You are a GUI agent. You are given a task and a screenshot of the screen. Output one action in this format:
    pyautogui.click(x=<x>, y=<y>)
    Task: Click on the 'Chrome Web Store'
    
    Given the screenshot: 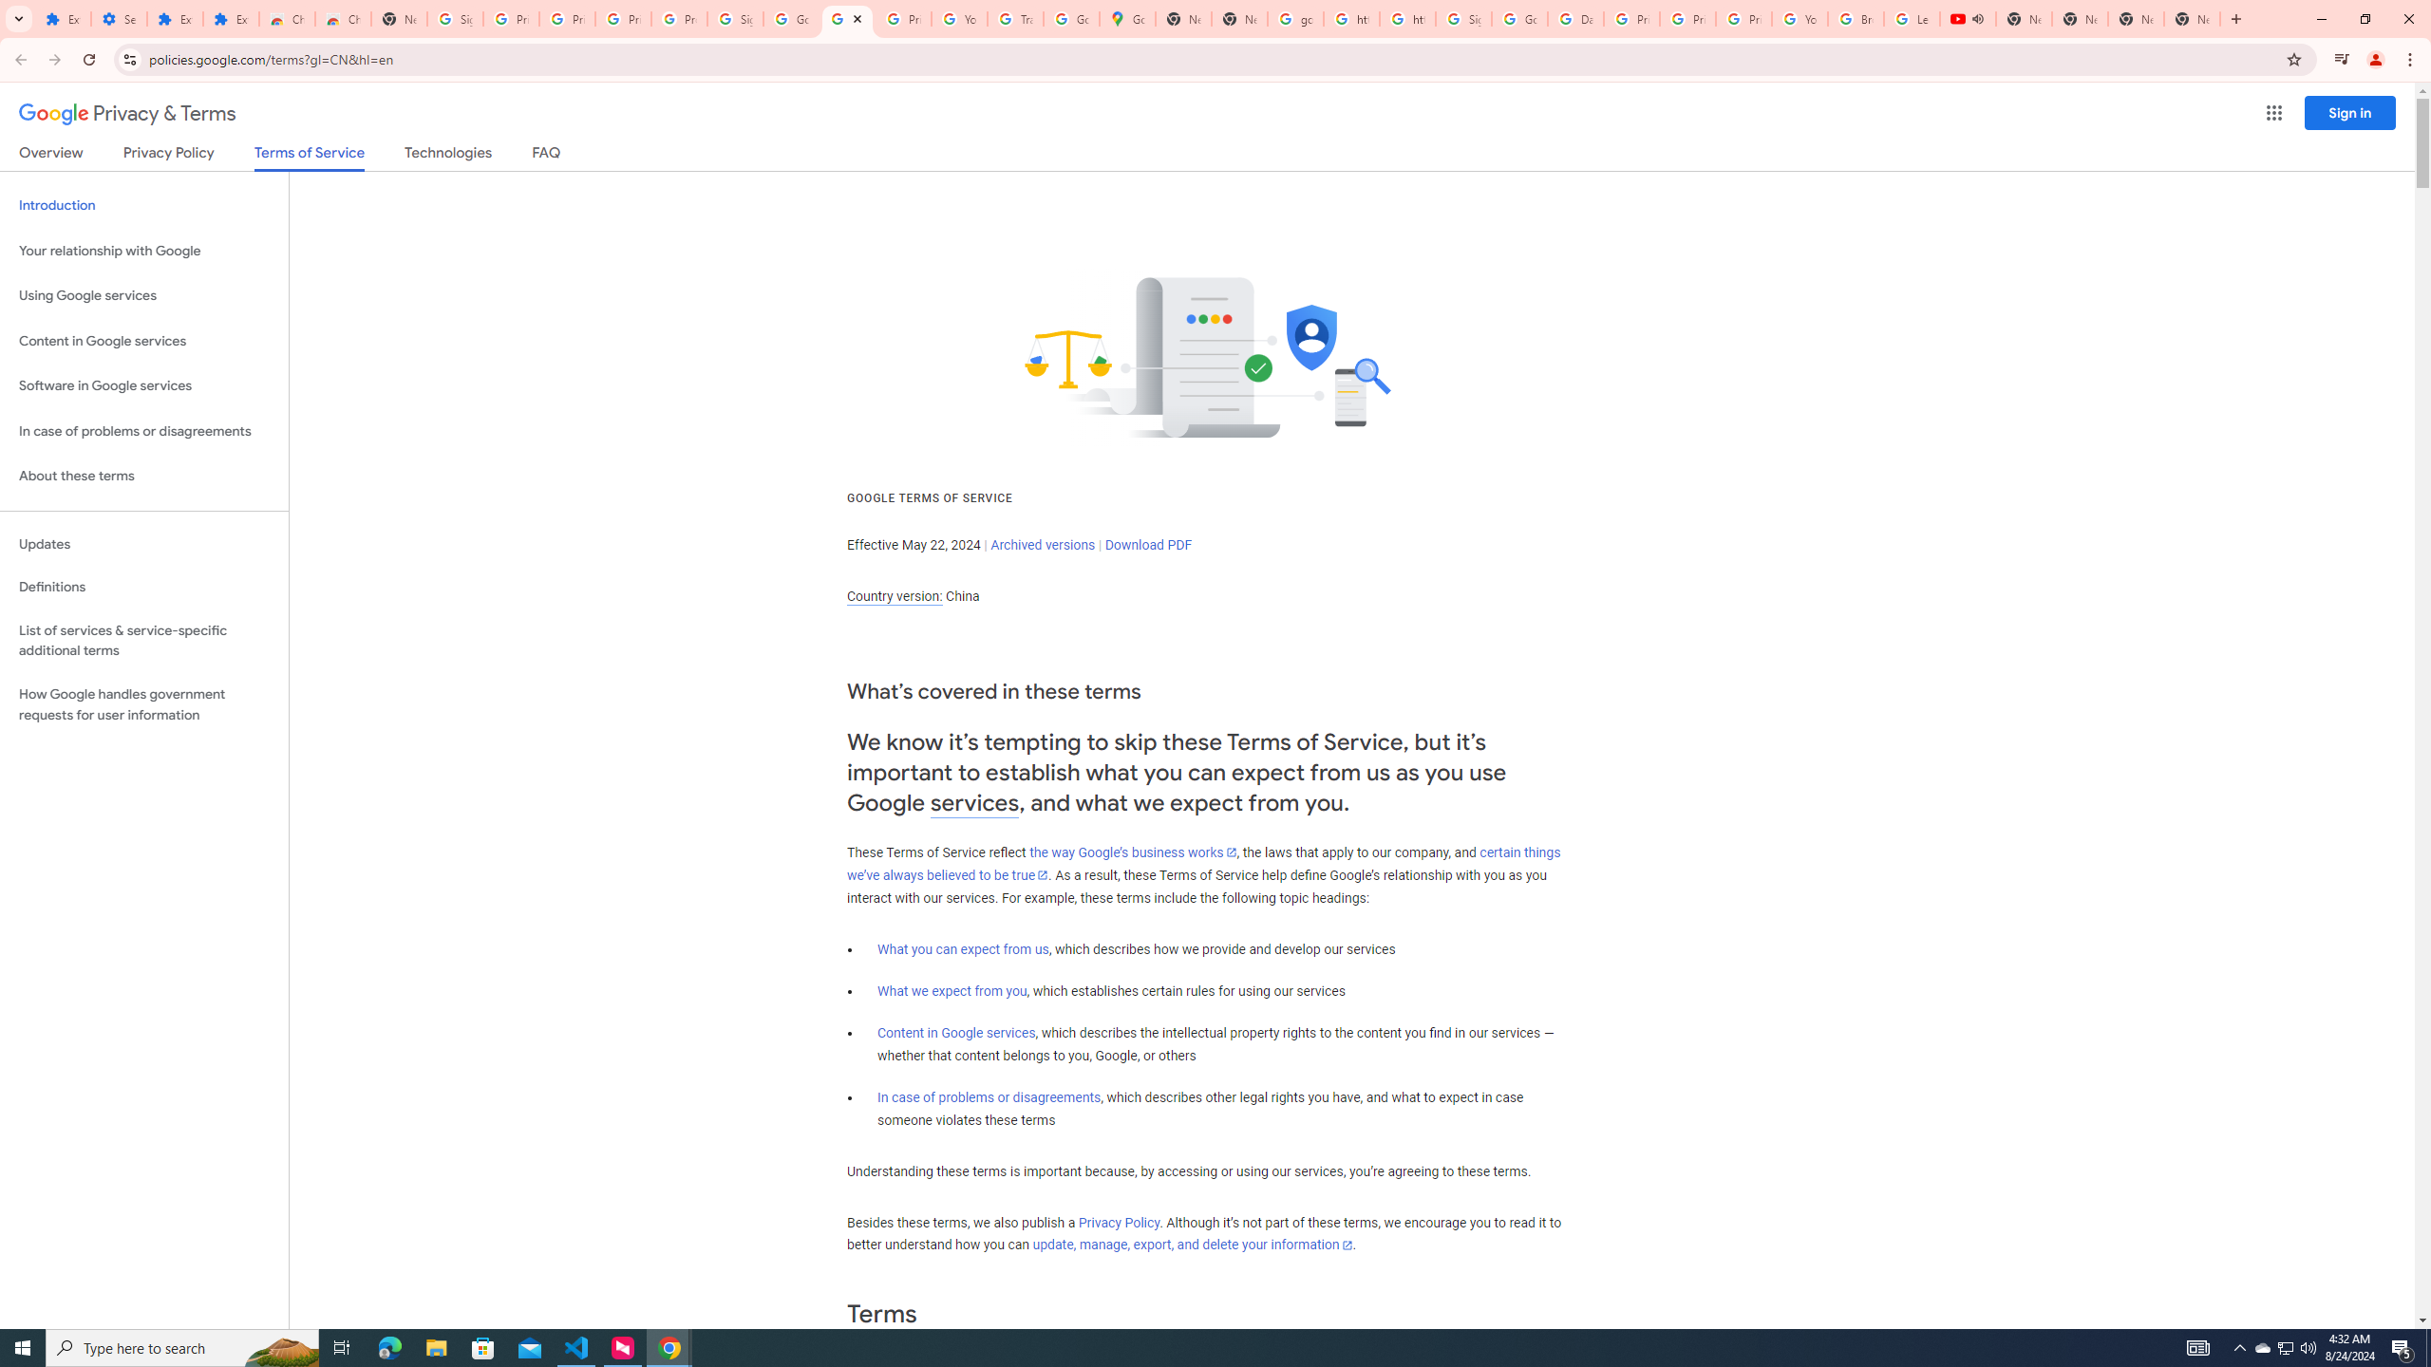 What is the action you would take?
    pyautogui.click(x=286, y=18)
    